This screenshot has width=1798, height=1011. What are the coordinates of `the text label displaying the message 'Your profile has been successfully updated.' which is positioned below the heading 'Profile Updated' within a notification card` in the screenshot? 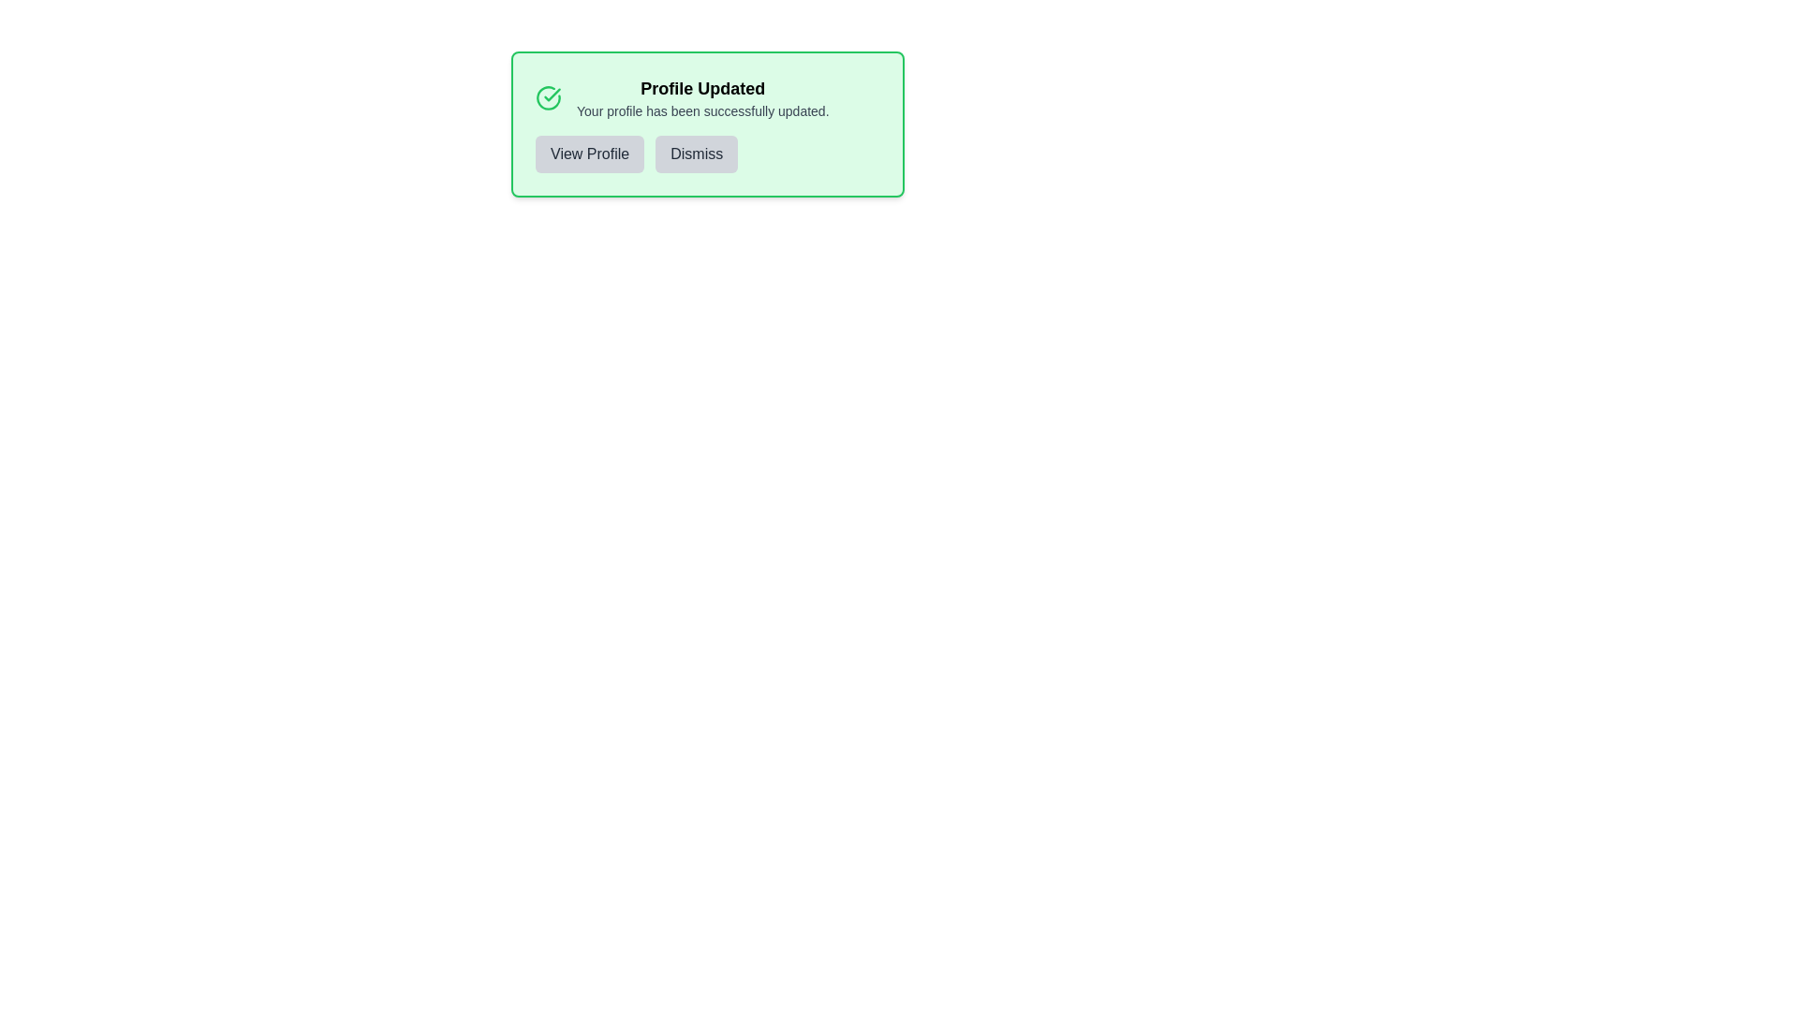 It's located at (701, 111).